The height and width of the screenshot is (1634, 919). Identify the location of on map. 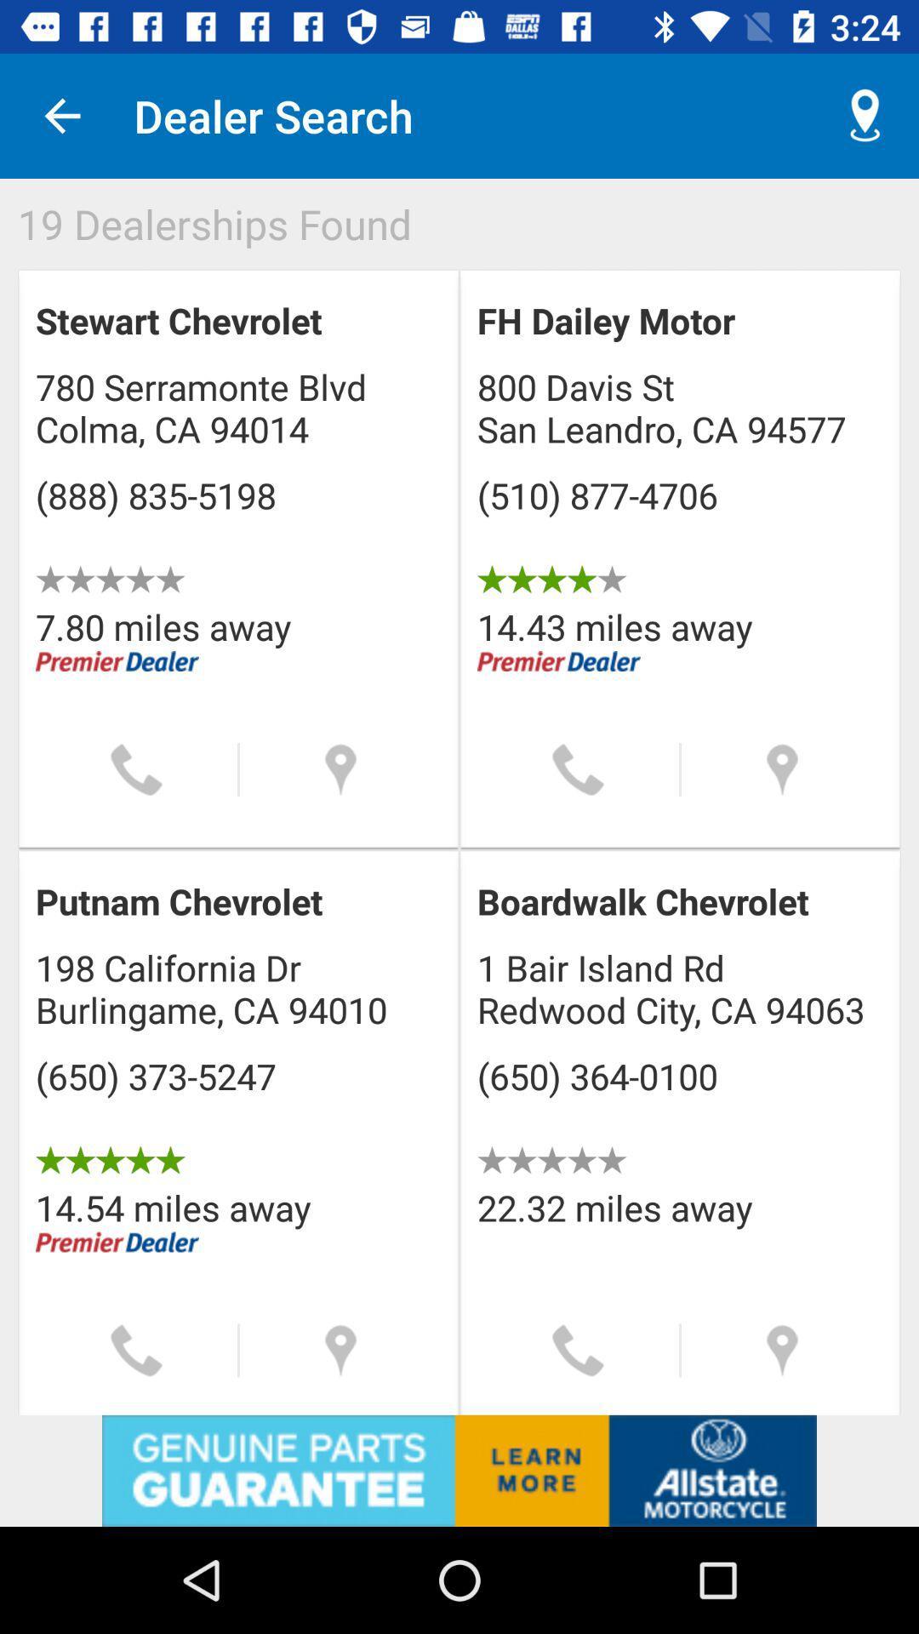
(340, 1350).